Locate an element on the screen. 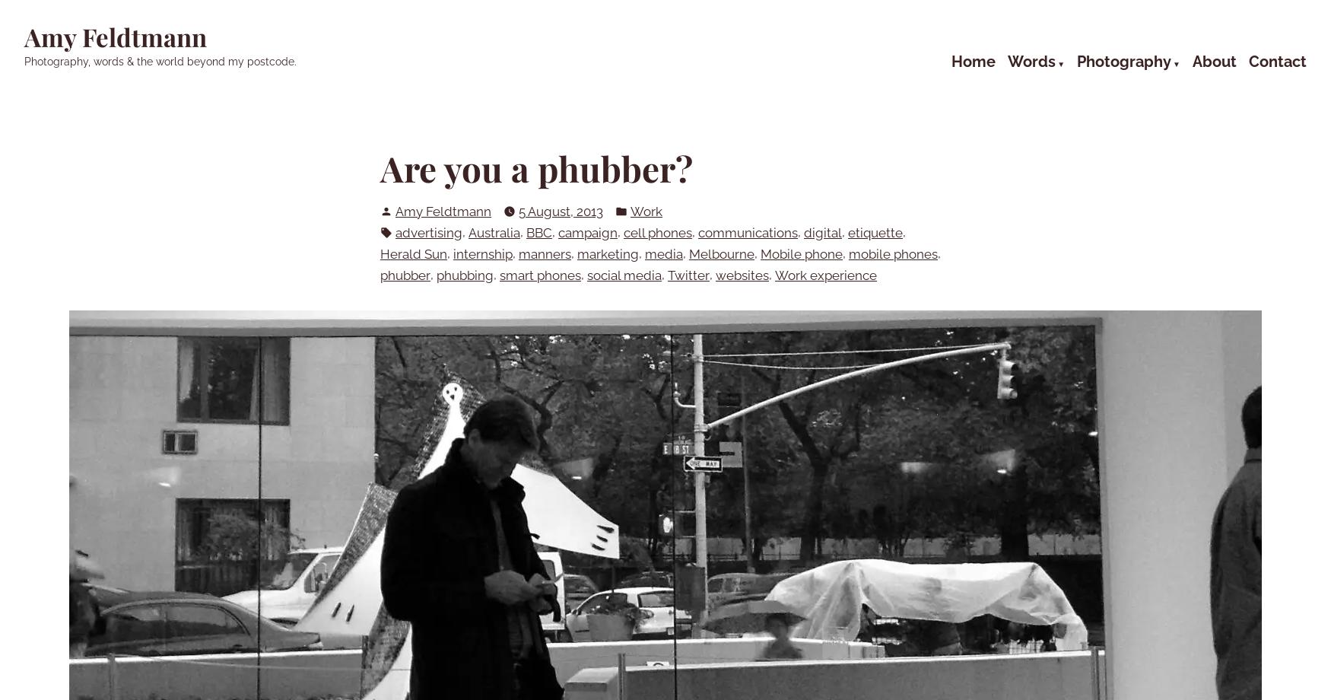 The height and width of the screenshot is (700, 1331). 'internship' is located at coordinates (482, 253).